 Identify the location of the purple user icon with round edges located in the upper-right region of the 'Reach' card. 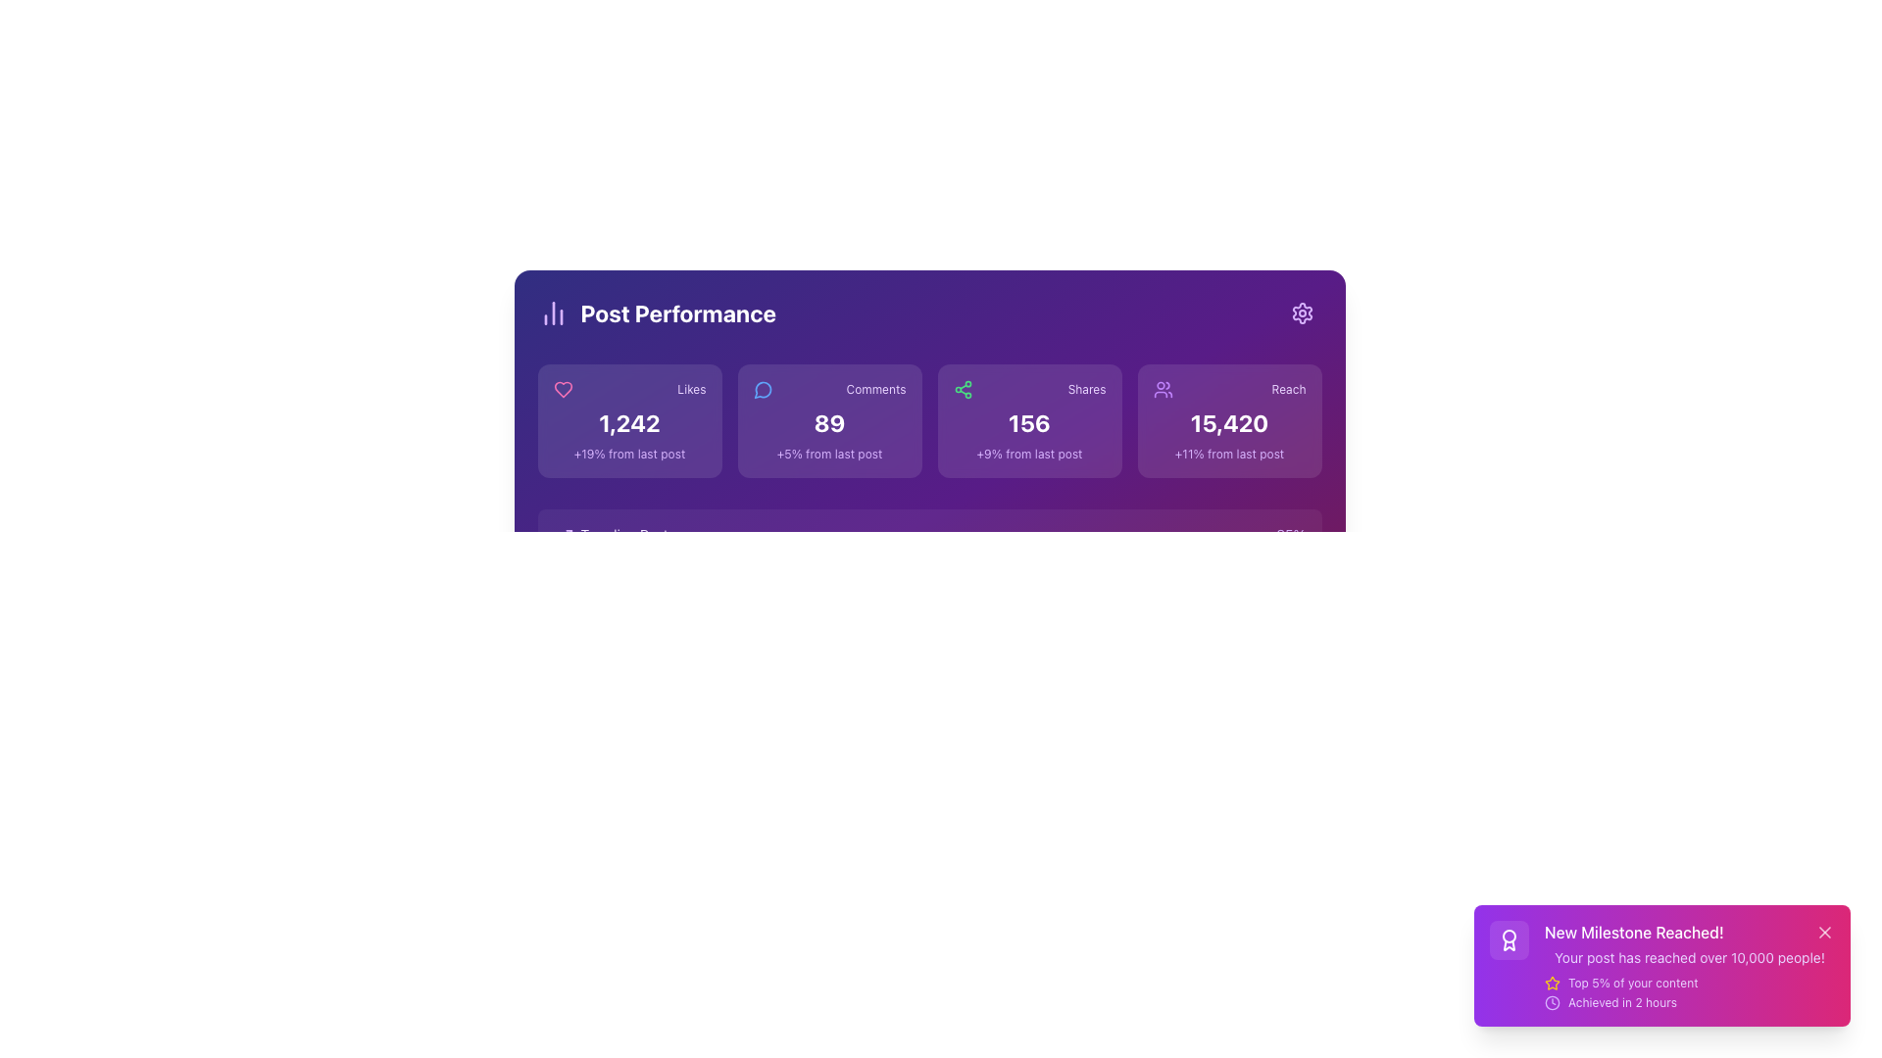
(1163, 389).